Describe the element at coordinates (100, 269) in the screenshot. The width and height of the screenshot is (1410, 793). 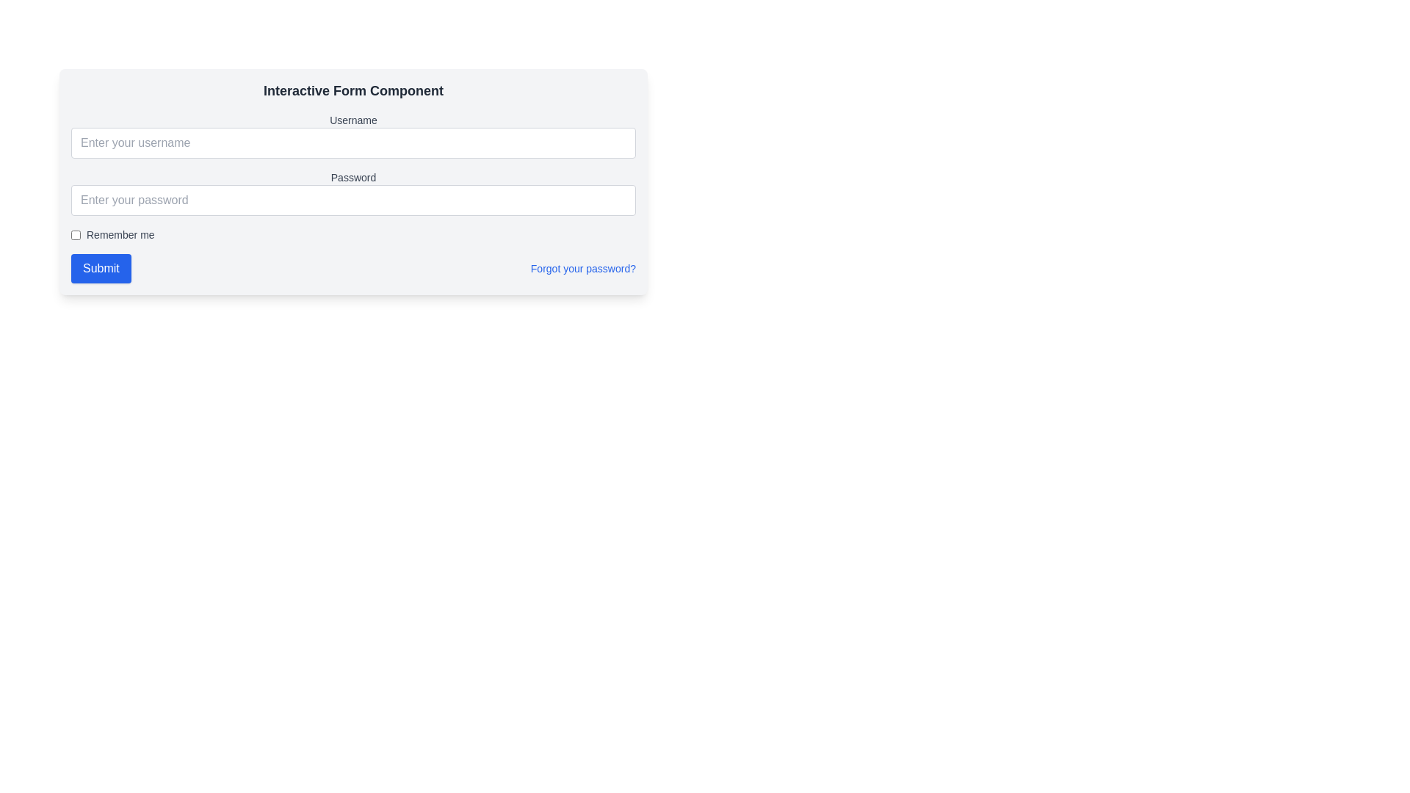
I see `the 'Submit' button with a blue background and white text by` at that location.